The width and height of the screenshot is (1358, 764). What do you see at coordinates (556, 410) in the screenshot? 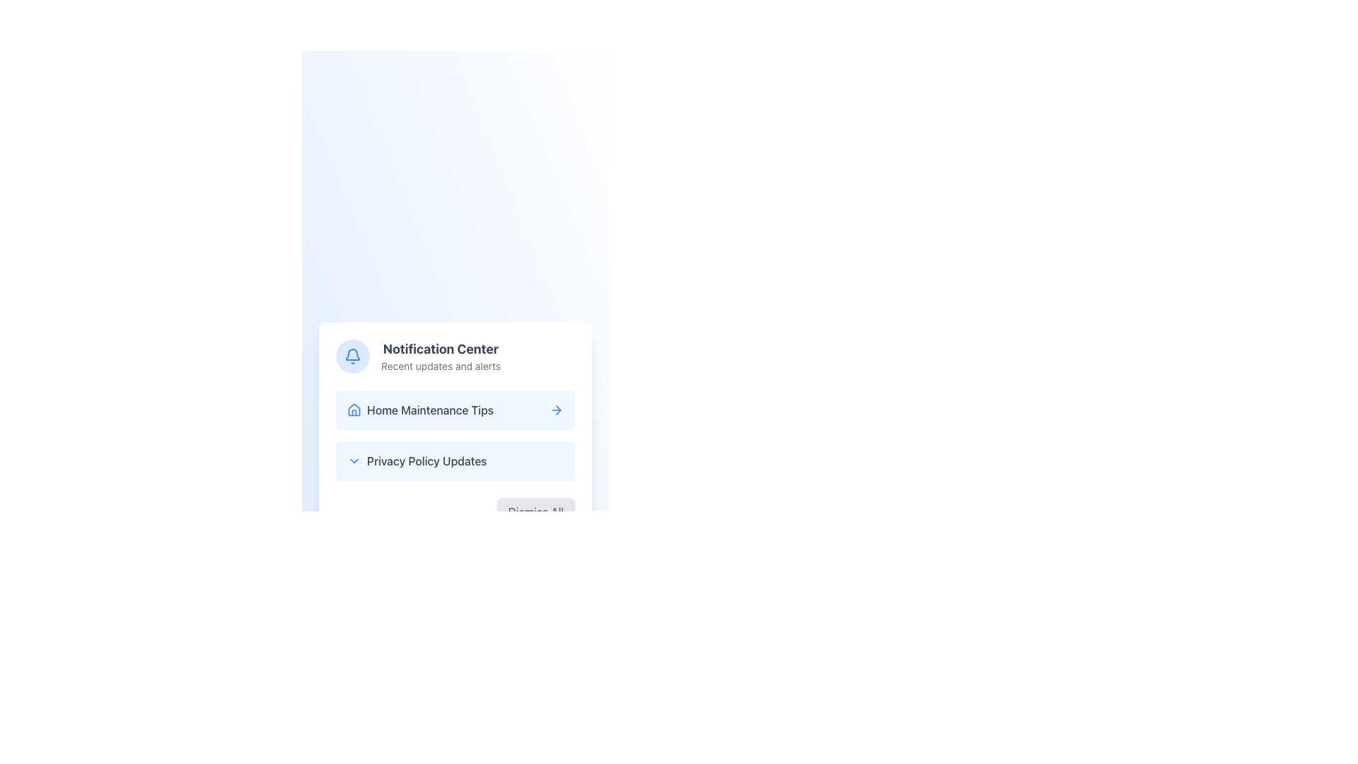
I see `the right-pointing arrow icon in the blue-themed interface adjacent to 'Home Maintenance Tips' in the notification center` at bounding box center [556, 410].